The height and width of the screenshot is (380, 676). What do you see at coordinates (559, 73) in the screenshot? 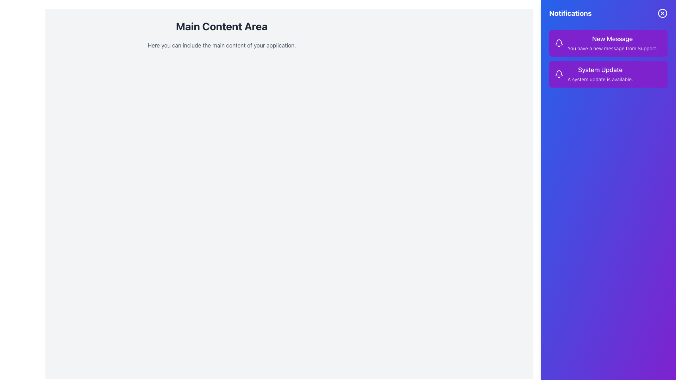
I see `the 'System Update' notification icon located at the top section of the notification sidebar` at bounding box center [559, 73].